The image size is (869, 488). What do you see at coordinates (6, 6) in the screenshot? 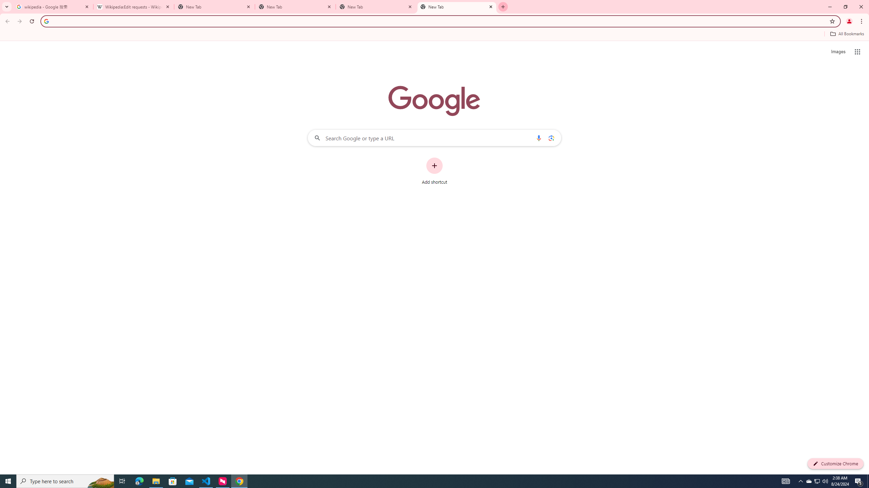
I see `'Search tabs'` at bounding box center [6, 6].